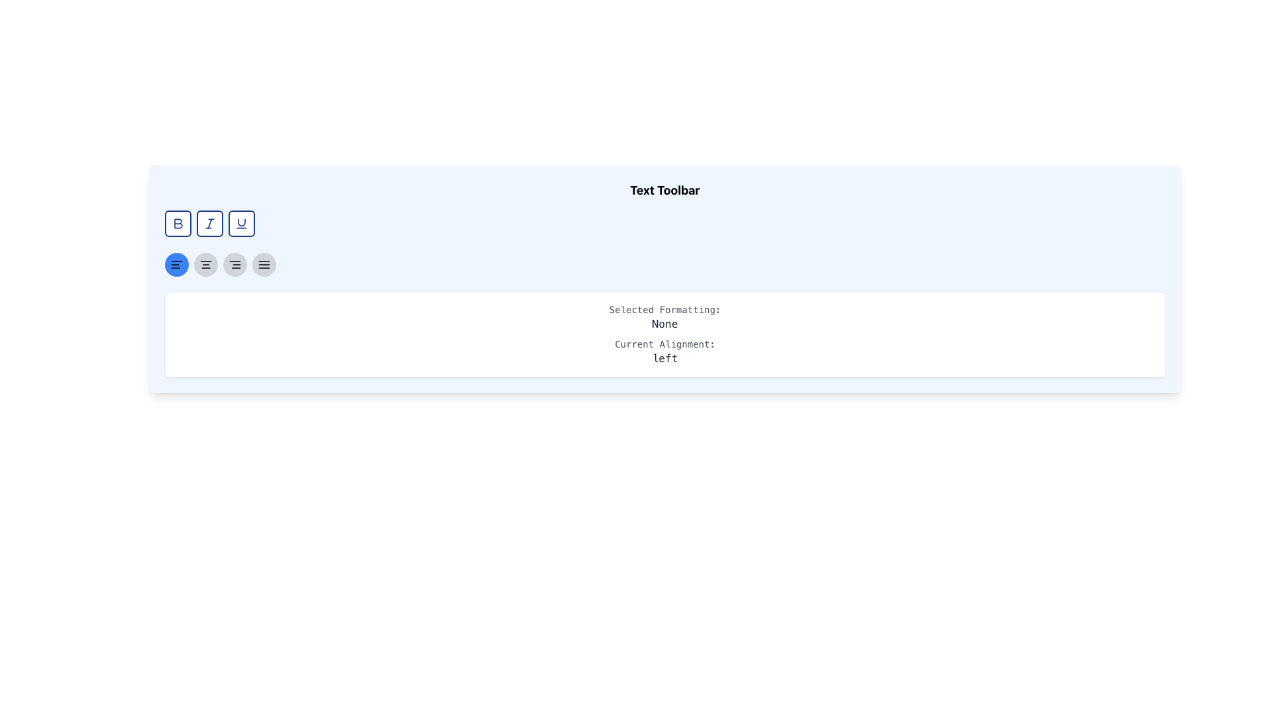  I want to click on the underline formatting button located in the upper part of the interface, which is the fourth button in the horizontal toolbar, so click(241, 223).